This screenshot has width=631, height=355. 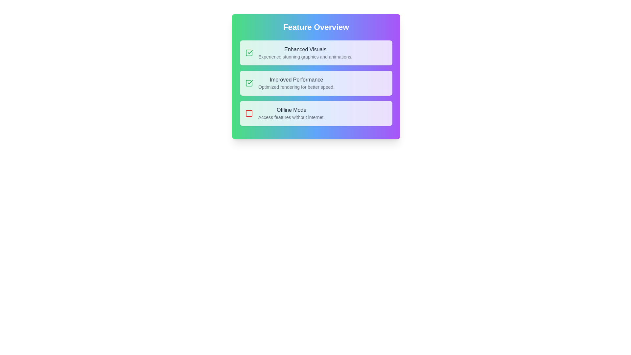 What do you see at coordinates (316, 113) in the screenshot?
I see `the feature item titled 'Offline Mode' to inspect its details` at bounding box center [316, 113].